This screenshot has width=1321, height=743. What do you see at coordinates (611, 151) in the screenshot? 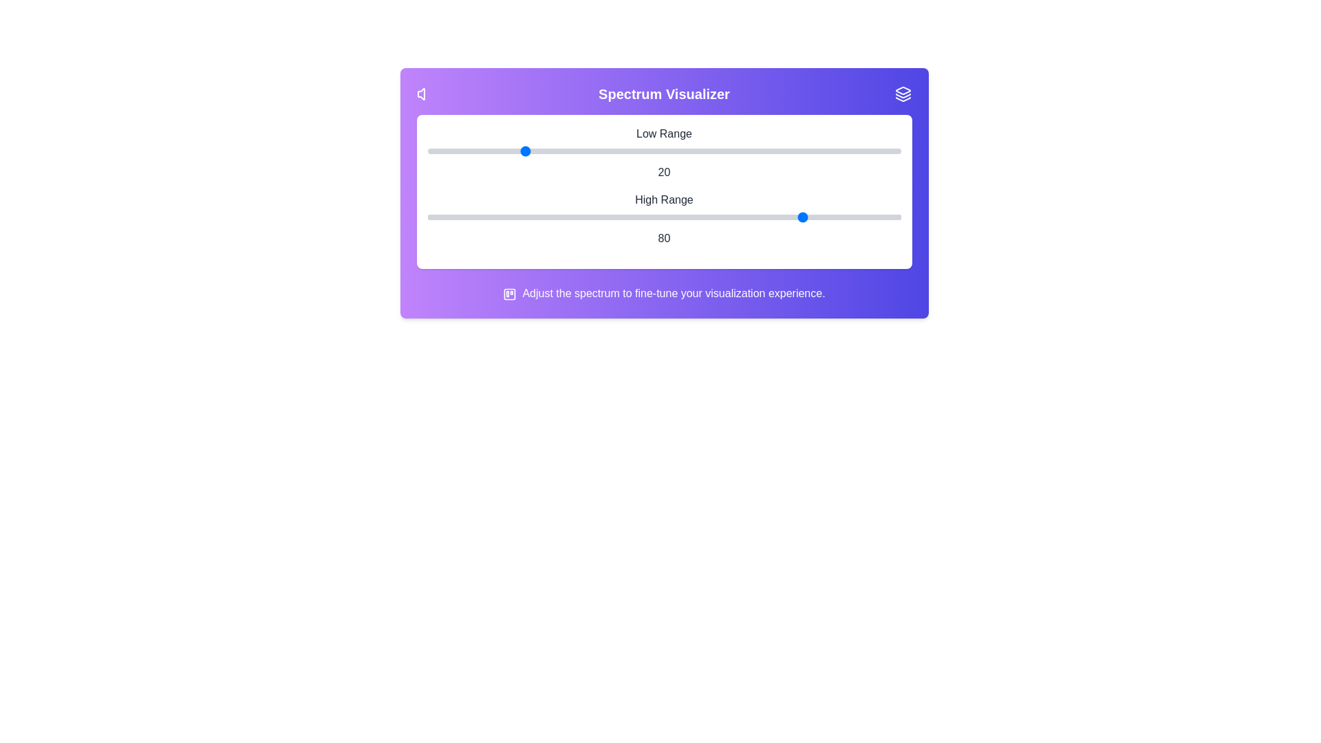
I see `the 0 slider to the value 39` at bounding box center [611, 151].